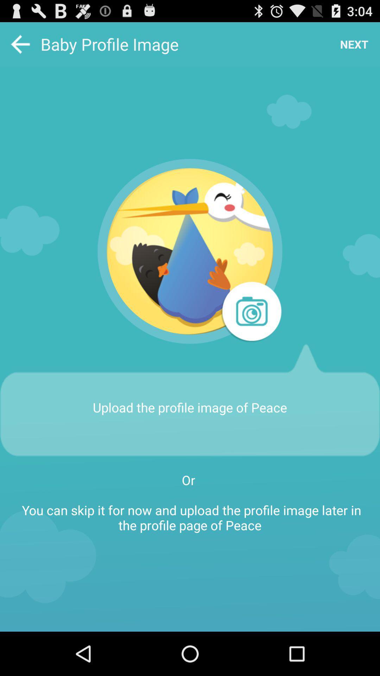 This screenshot has height=676, width=380. What do you see at coordinates (190, 251) in the screenshot?
I see `the app above the upload the profile item` at bounding box center [190, 251].